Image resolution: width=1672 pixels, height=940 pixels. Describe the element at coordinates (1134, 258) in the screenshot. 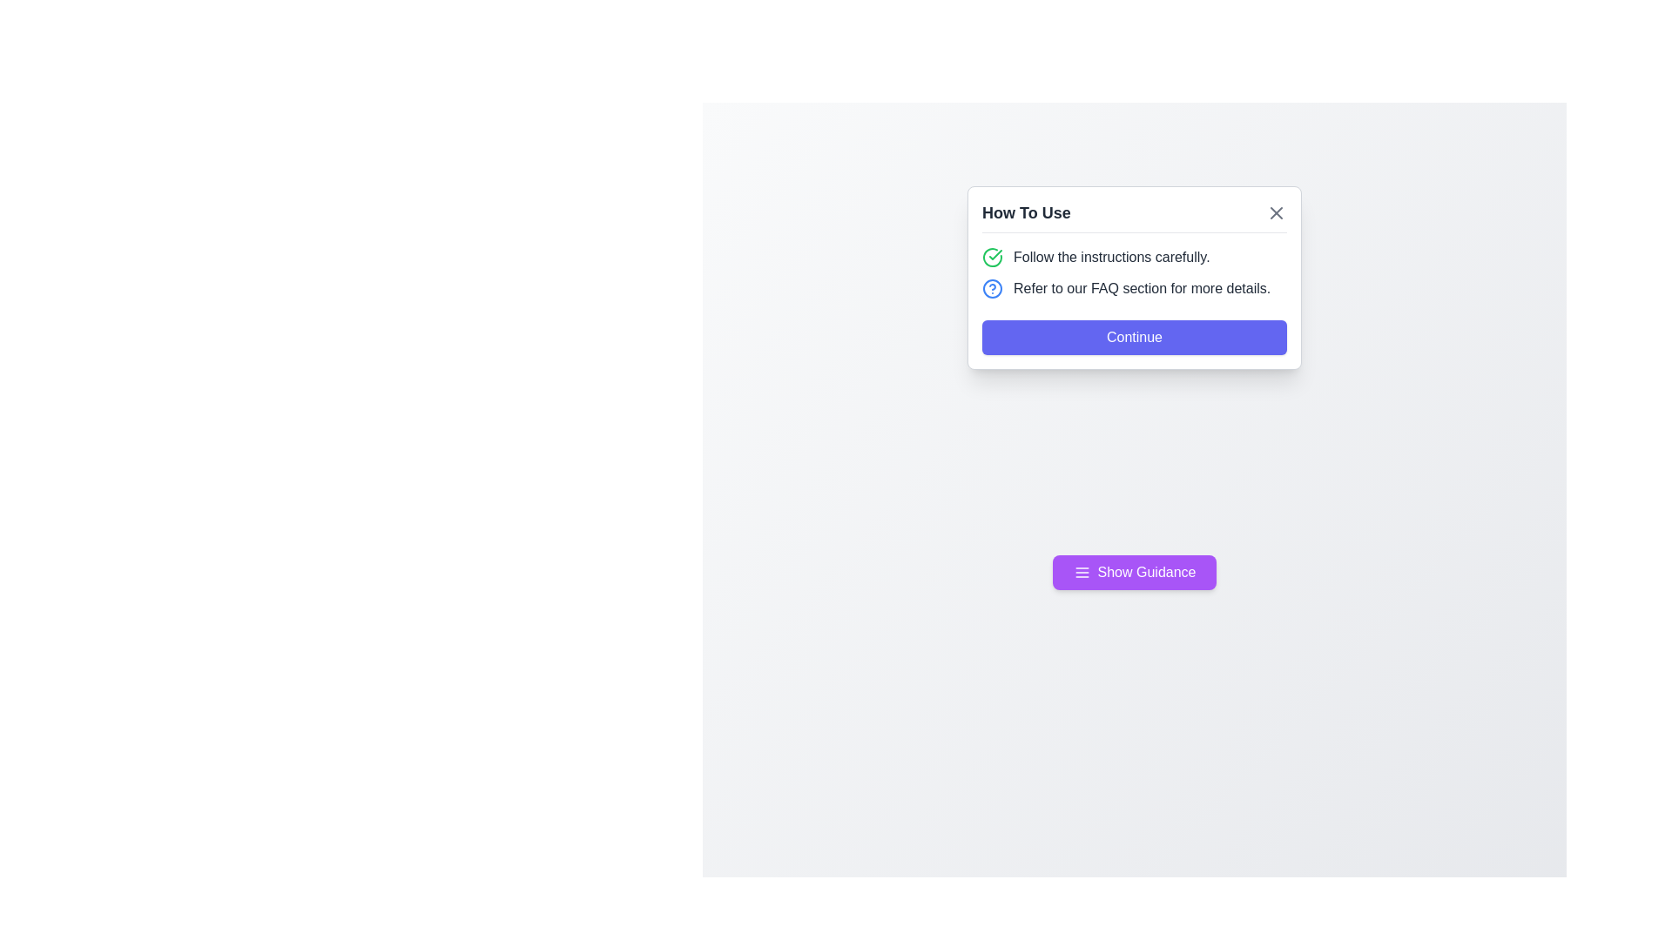

I see `the Static Instructional Text with Icon in the 'How To Use' modal dialog, which is the first item in the list of instructions` at that location.